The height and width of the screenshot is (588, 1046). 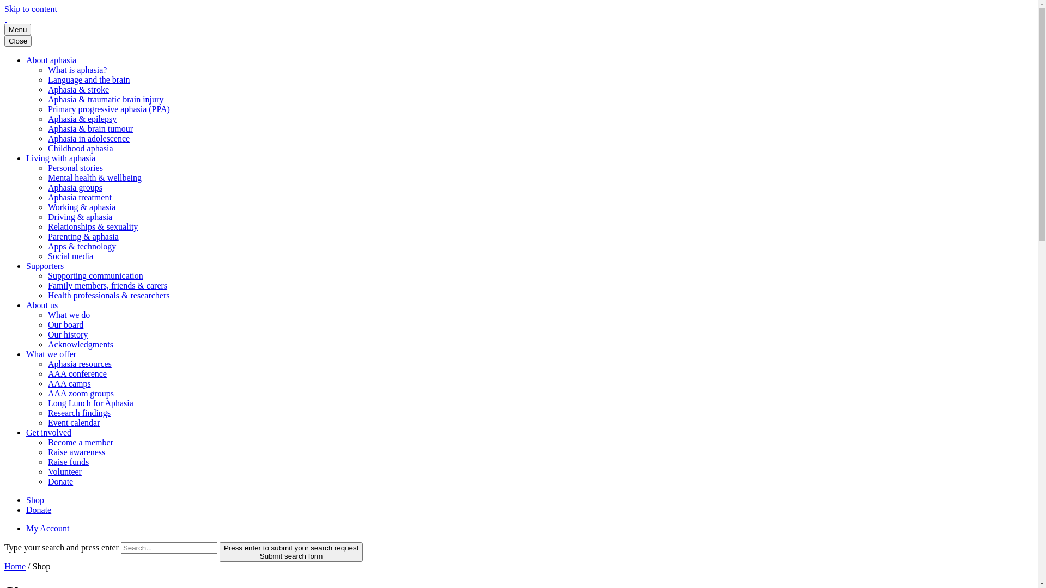 What do you see at coordinates (107, 285) in the screenshot?
I see `'Family members, friends & carers'` at bounding box center [107, 285].